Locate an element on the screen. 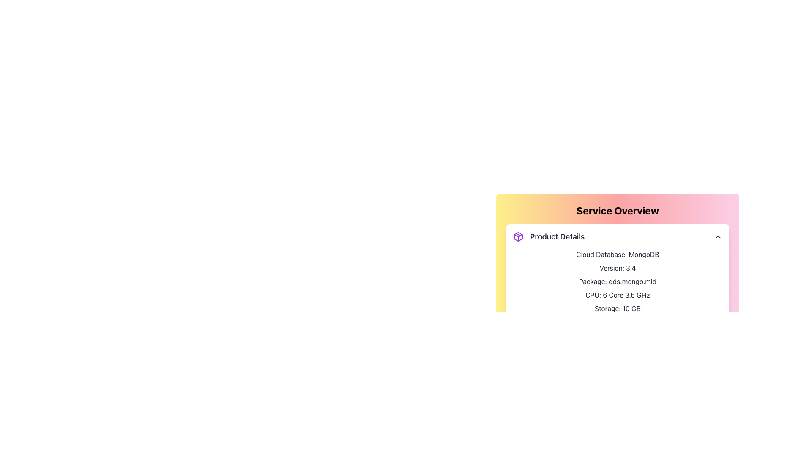 This screenshot has width=811, height=456. the fifth text label displaying the allocated storage capacity of 10 GB in the 'Product Details' section under 'Service Overview' is located at coordinates (618, 309).